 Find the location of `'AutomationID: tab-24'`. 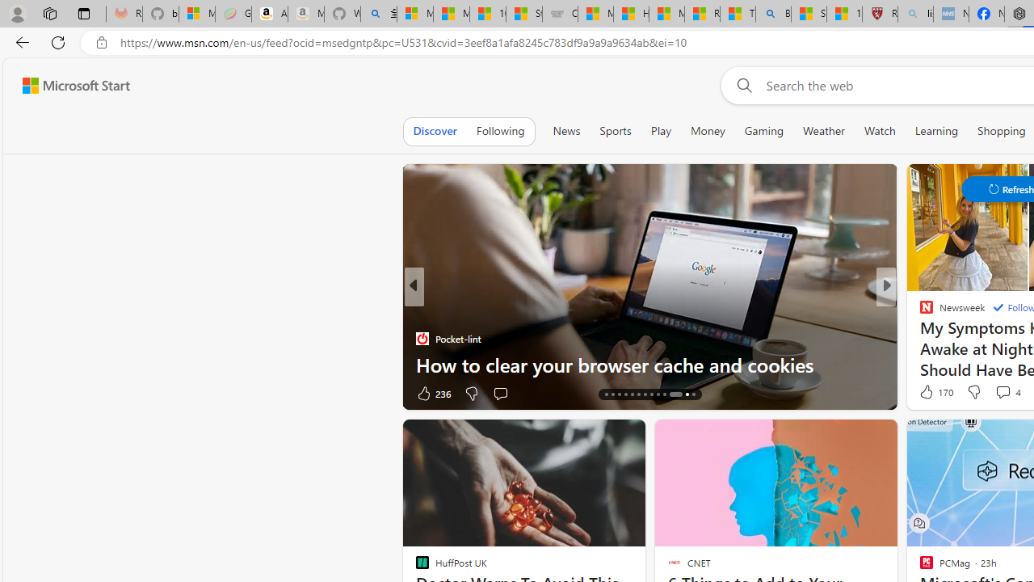

'AutomationID: tab-24' is located at coordinates (670, 394).